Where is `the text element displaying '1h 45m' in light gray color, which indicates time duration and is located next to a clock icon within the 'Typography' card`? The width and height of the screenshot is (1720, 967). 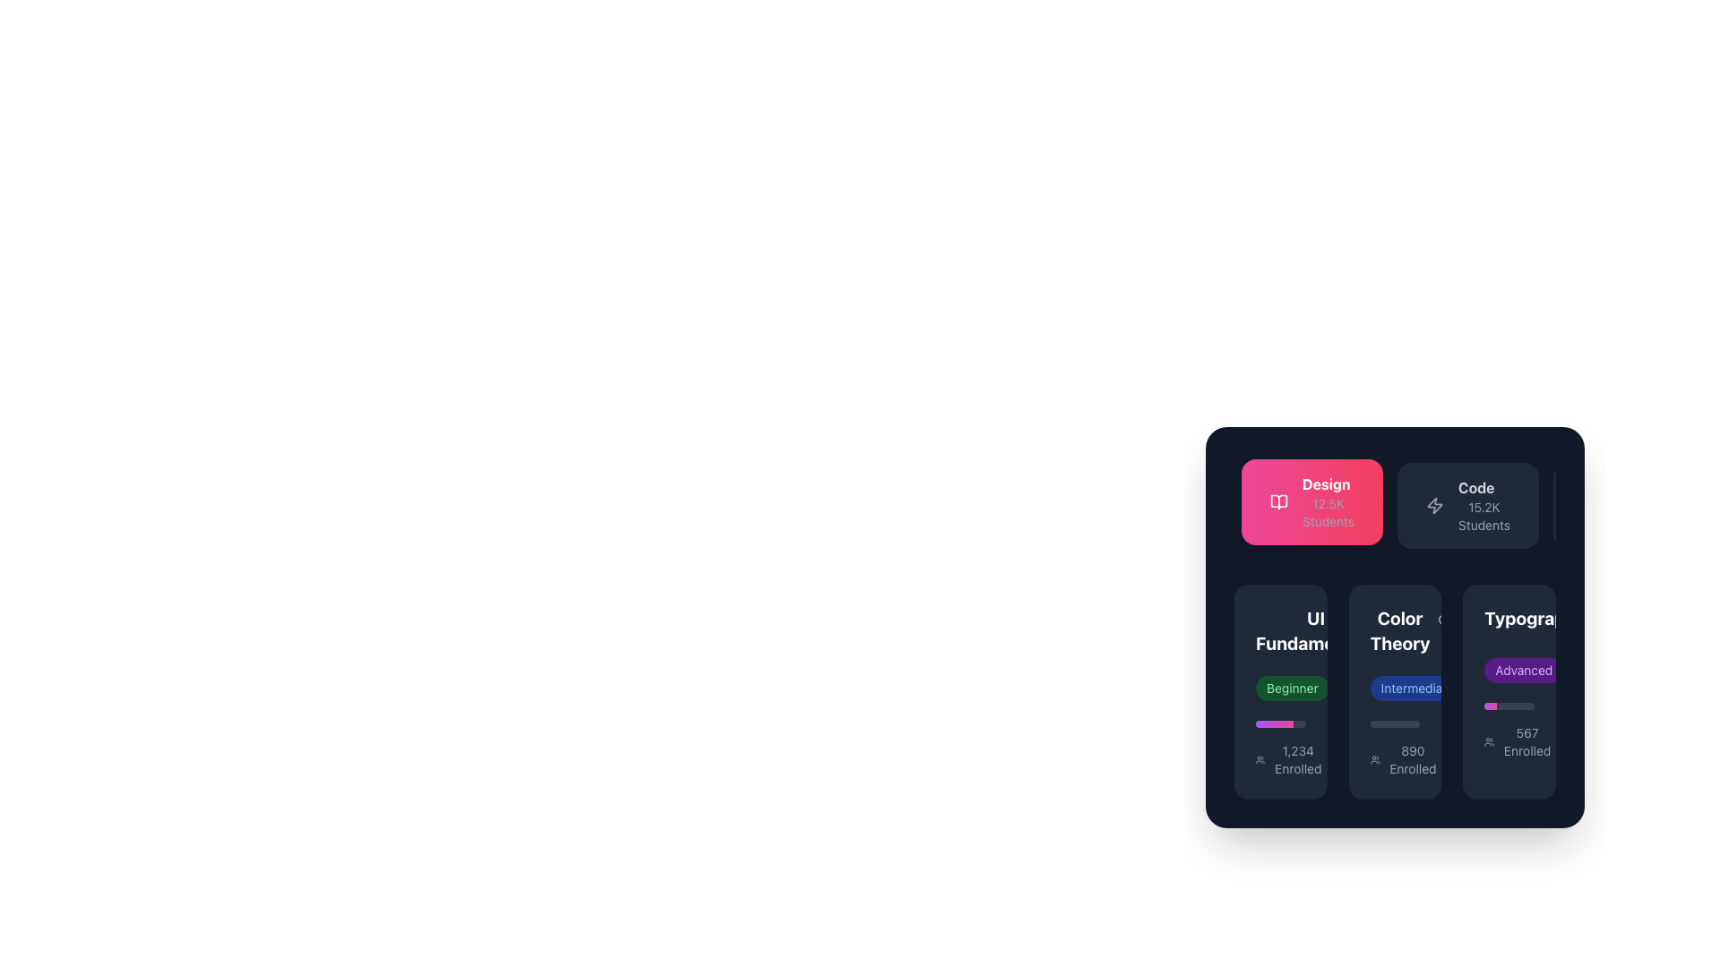
the text element displaying '1h 45m' in light gray color, which indicates time duration and is located next to a clock icon within the 'Typography' card is located at coordinates (1507, 687).